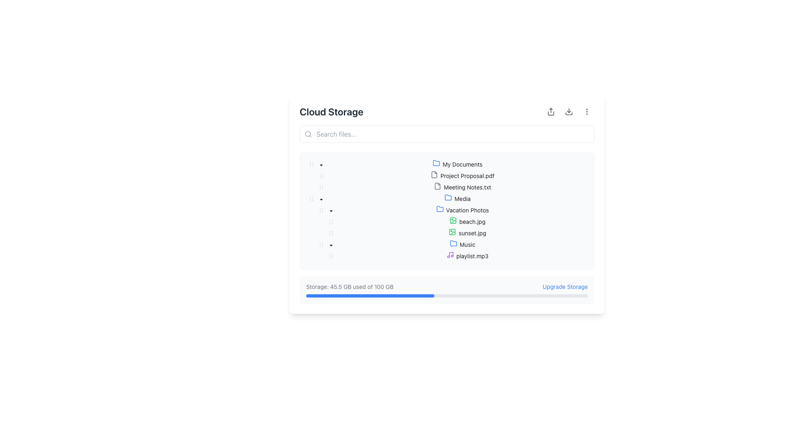 The width and height of the screenshot is (786, 442). Describe the element at coordinates (587, 112) in the screenshot. I see `the circular button with three vertical gray dots` at that location.